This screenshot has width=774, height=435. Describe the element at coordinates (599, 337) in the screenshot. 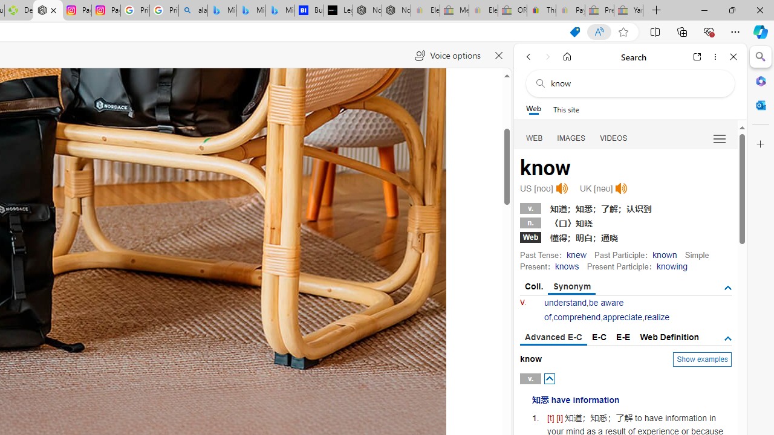

I see `'E-C'` at that location.